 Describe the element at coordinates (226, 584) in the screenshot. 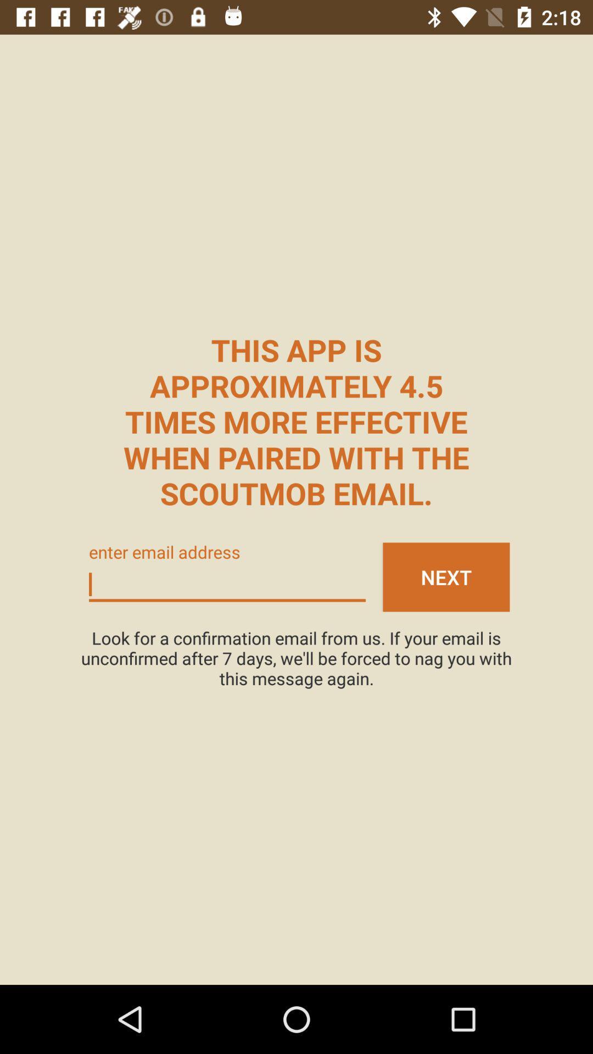

I see `email` at that location.